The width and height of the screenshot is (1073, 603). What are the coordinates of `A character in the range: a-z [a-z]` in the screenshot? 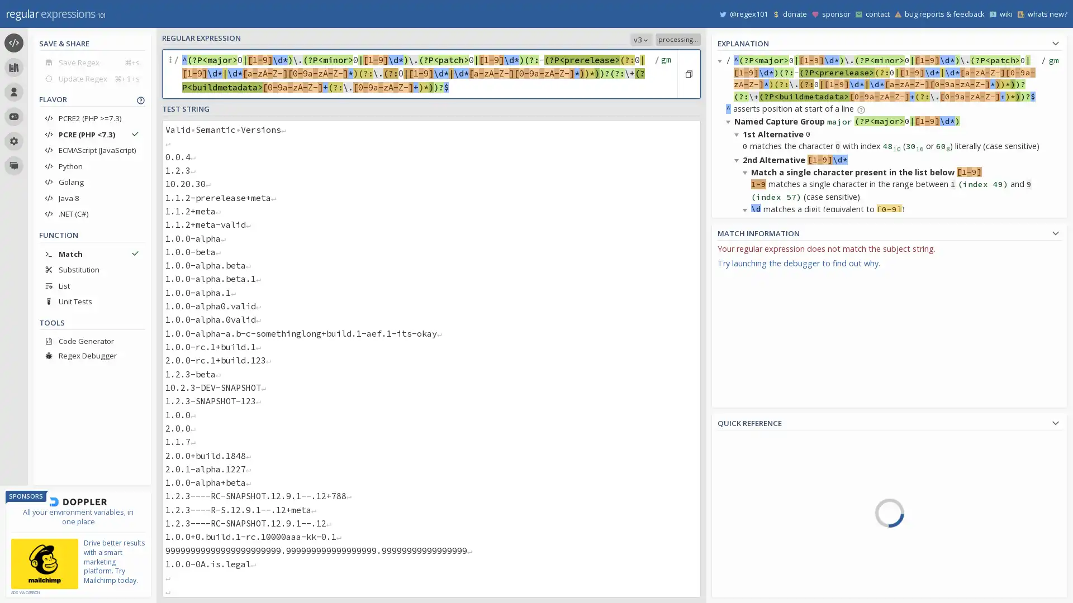 It's located at (945, 473).